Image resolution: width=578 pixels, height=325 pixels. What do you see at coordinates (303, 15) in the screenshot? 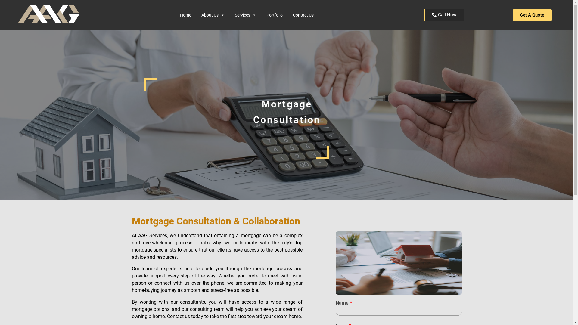
I see `'Contact Us'` at bounding box center [303, 15].